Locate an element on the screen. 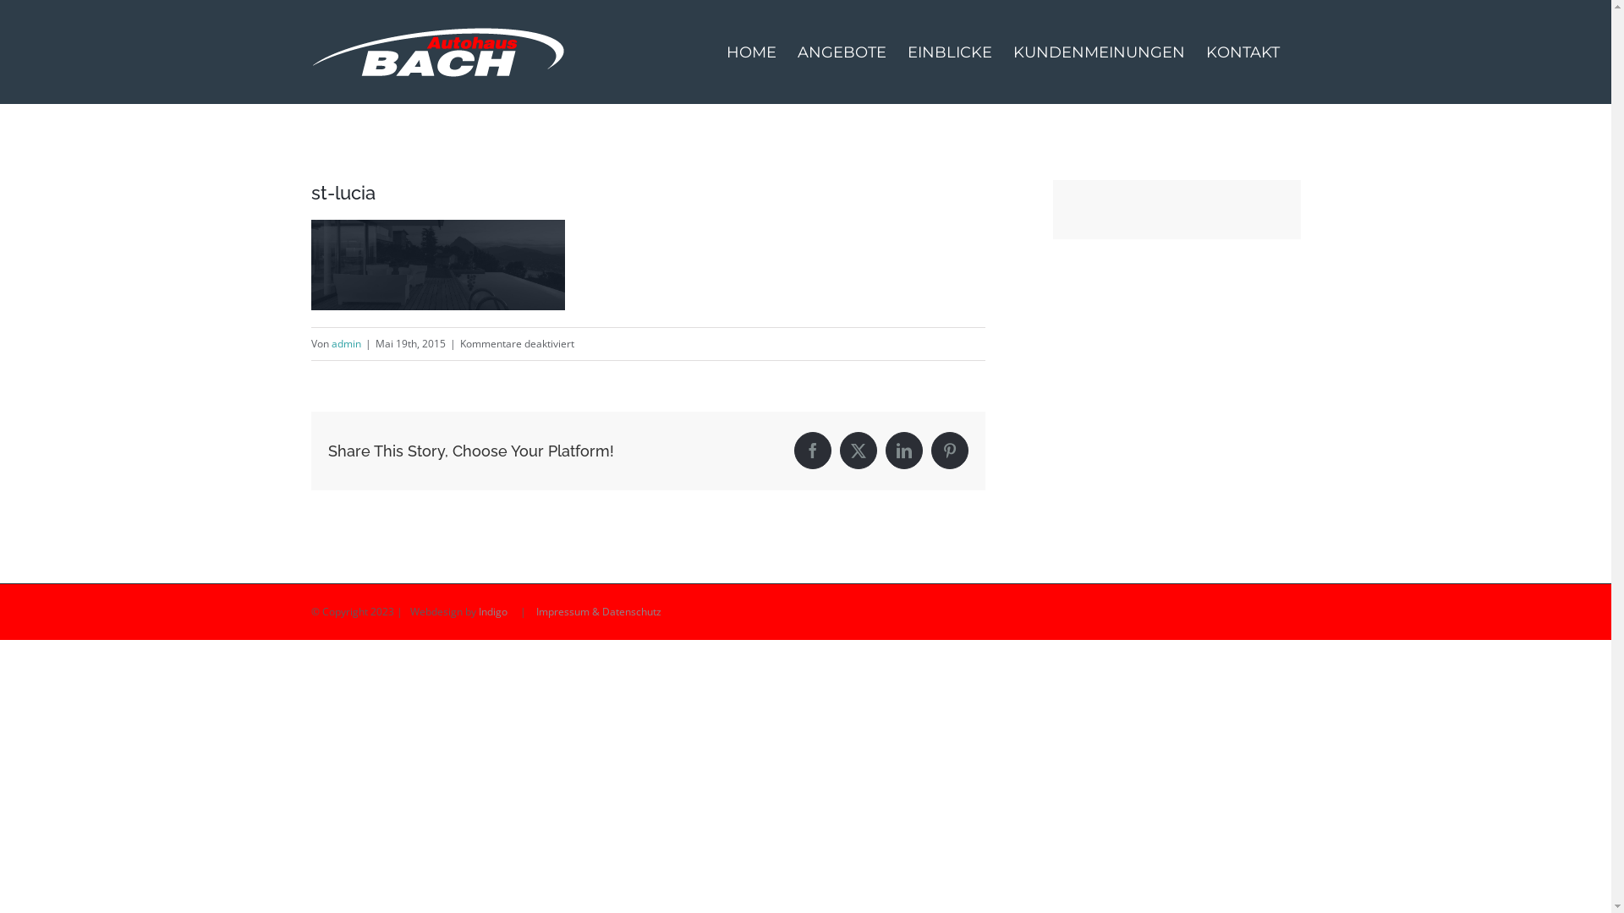 This screenshot has width=1624, height=913. 'ANGEBOTE' is located at coordinates (841, 50).